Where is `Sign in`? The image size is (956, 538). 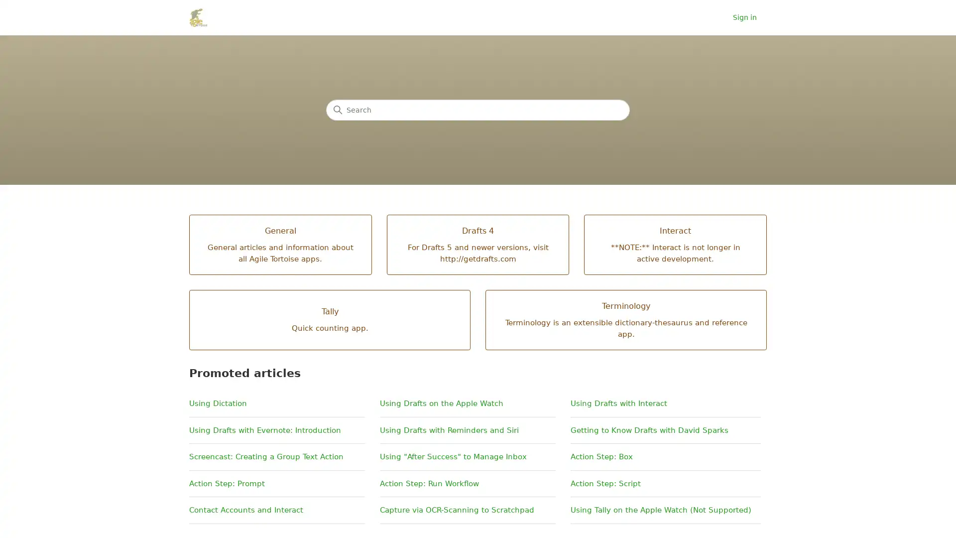
Sign in is located at coordinates (750, 17).